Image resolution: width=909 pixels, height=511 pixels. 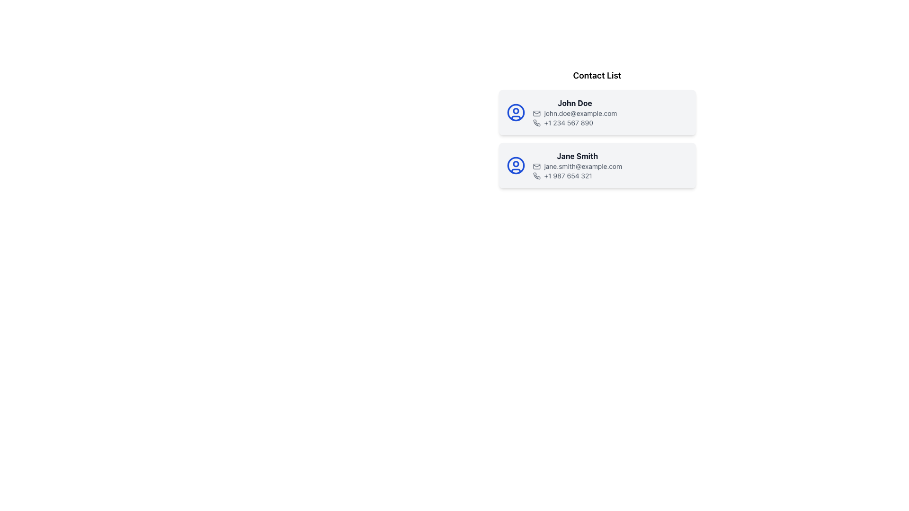 What do you see at coordinates (574, 103) in the screenshot?
I see `the contact name text label located at the top of the first contact card, to the right of the circular icon` at bounding box center [574, 103].